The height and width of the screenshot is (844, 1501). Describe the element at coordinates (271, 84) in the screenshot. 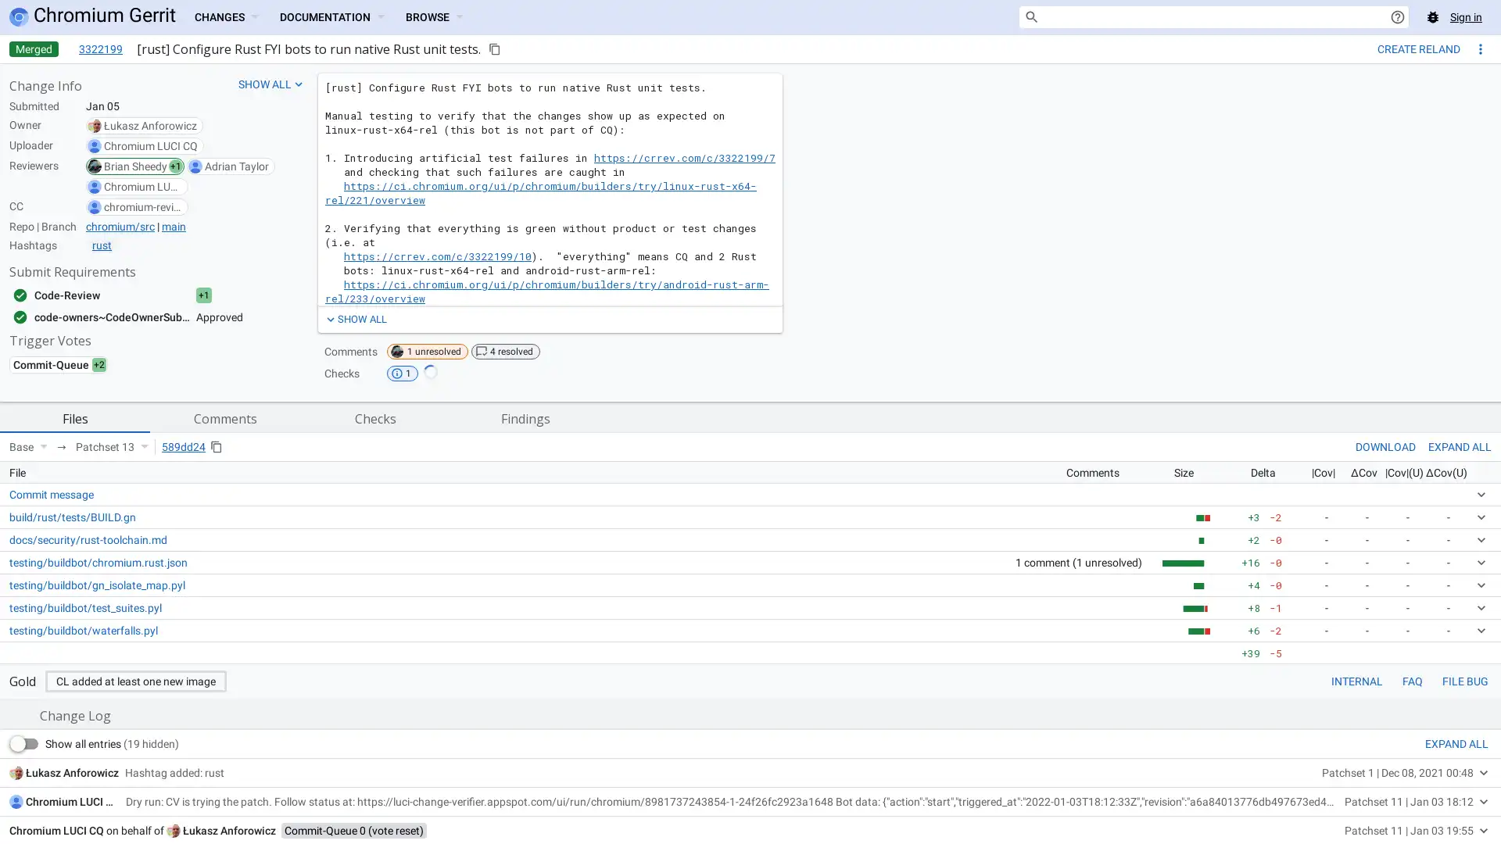

I see `SHOW ALL` at that location.